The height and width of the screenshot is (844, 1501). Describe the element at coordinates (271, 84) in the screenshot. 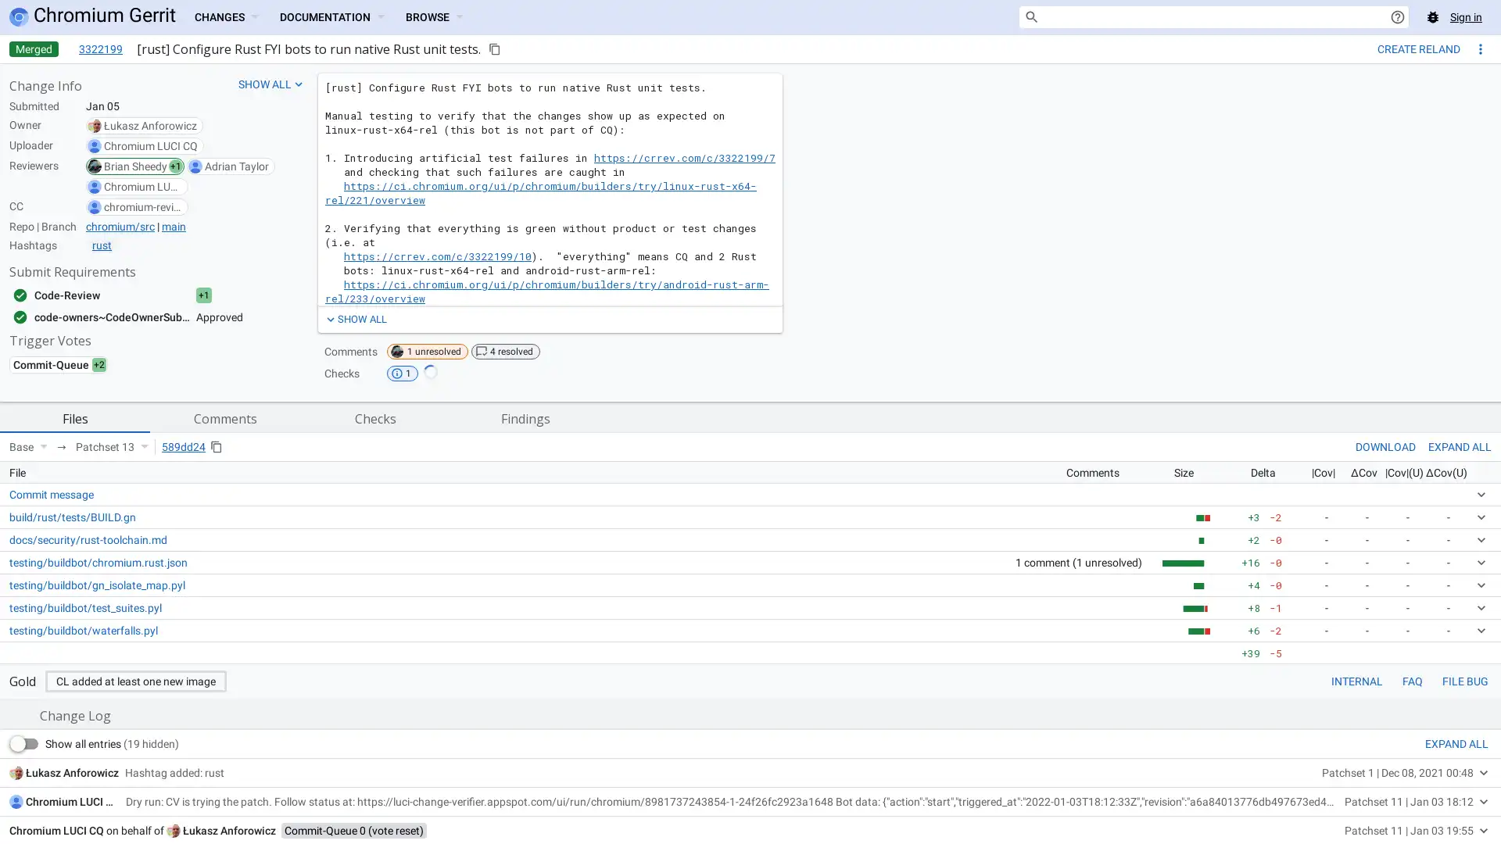

I see `SHOW ALL` at that location.